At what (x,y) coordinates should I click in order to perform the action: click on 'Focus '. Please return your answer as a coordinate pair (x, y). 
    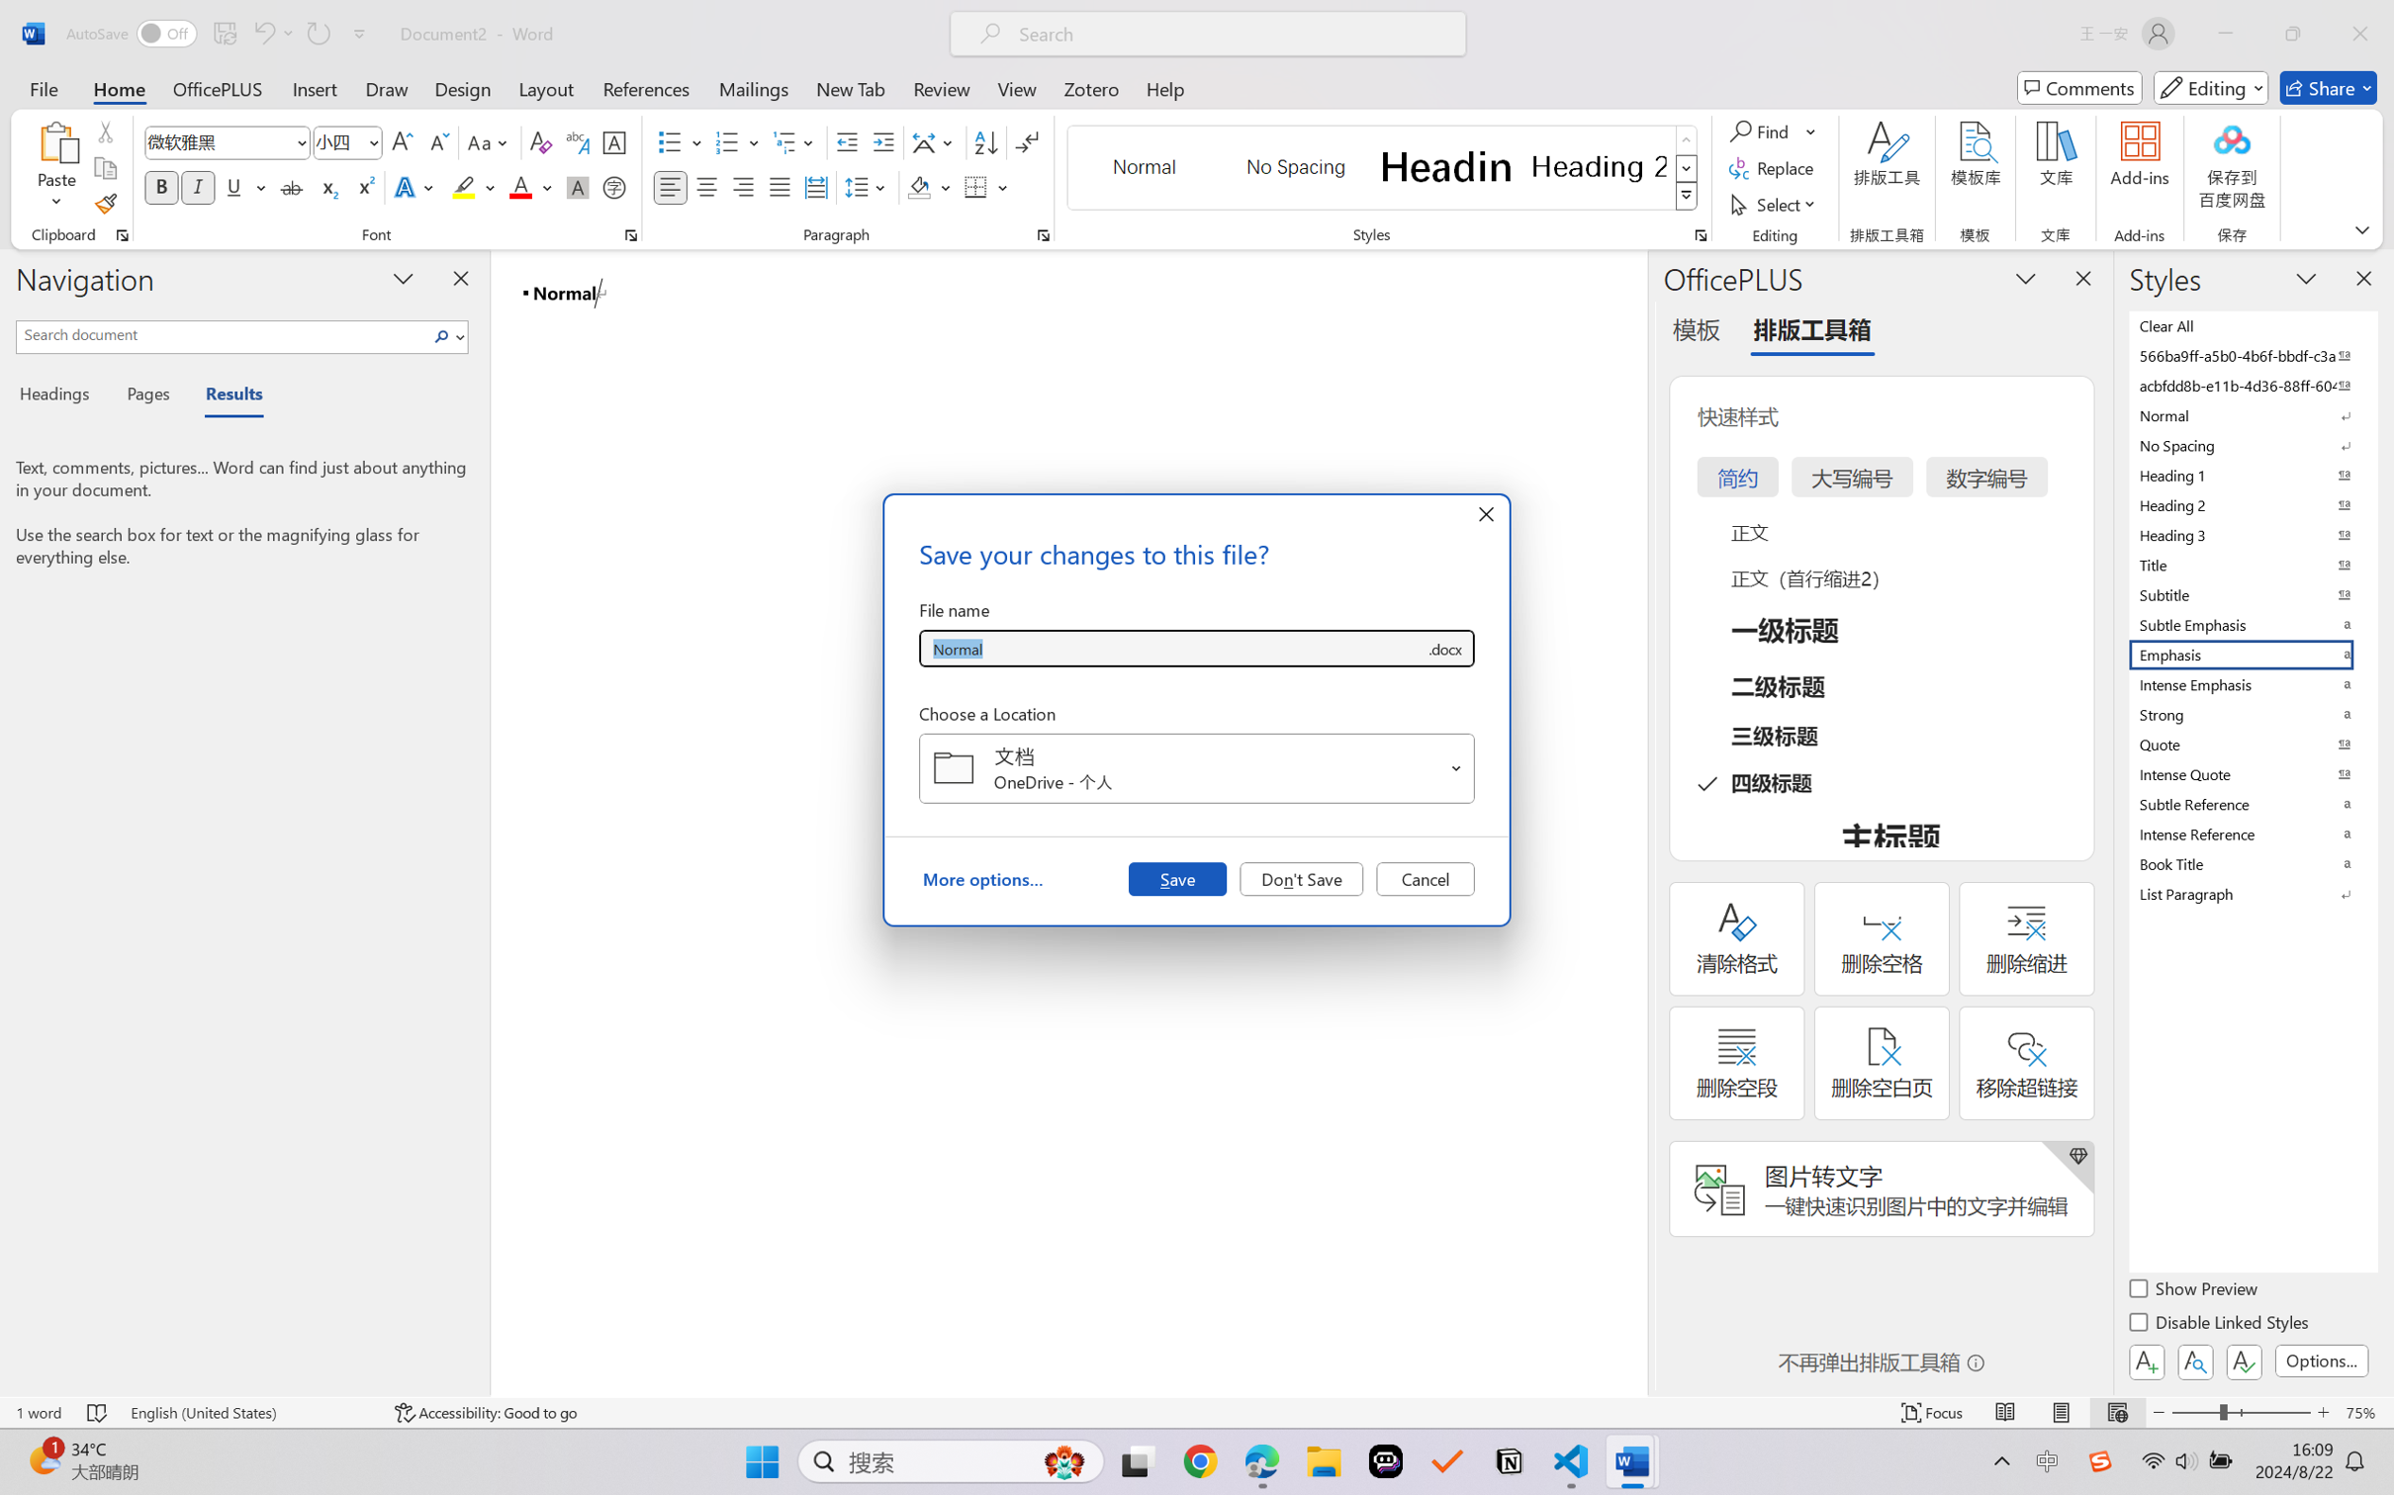
    Looking at the image, I should click on (1932, 1412).